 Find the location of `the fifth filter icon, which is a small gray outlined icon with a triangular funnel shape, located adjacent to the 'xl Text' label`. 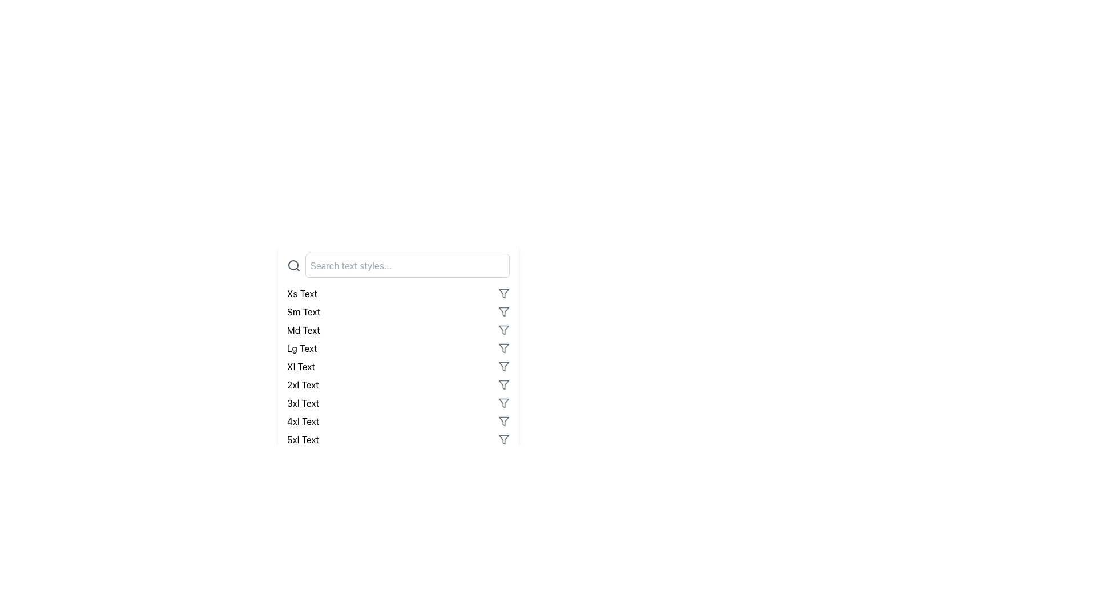

the fifth filter icon, which is a small gray outlined icon with a triangular funnel shape, located adjacent to the 'xl Text' label is located at coordinates (503, 367).